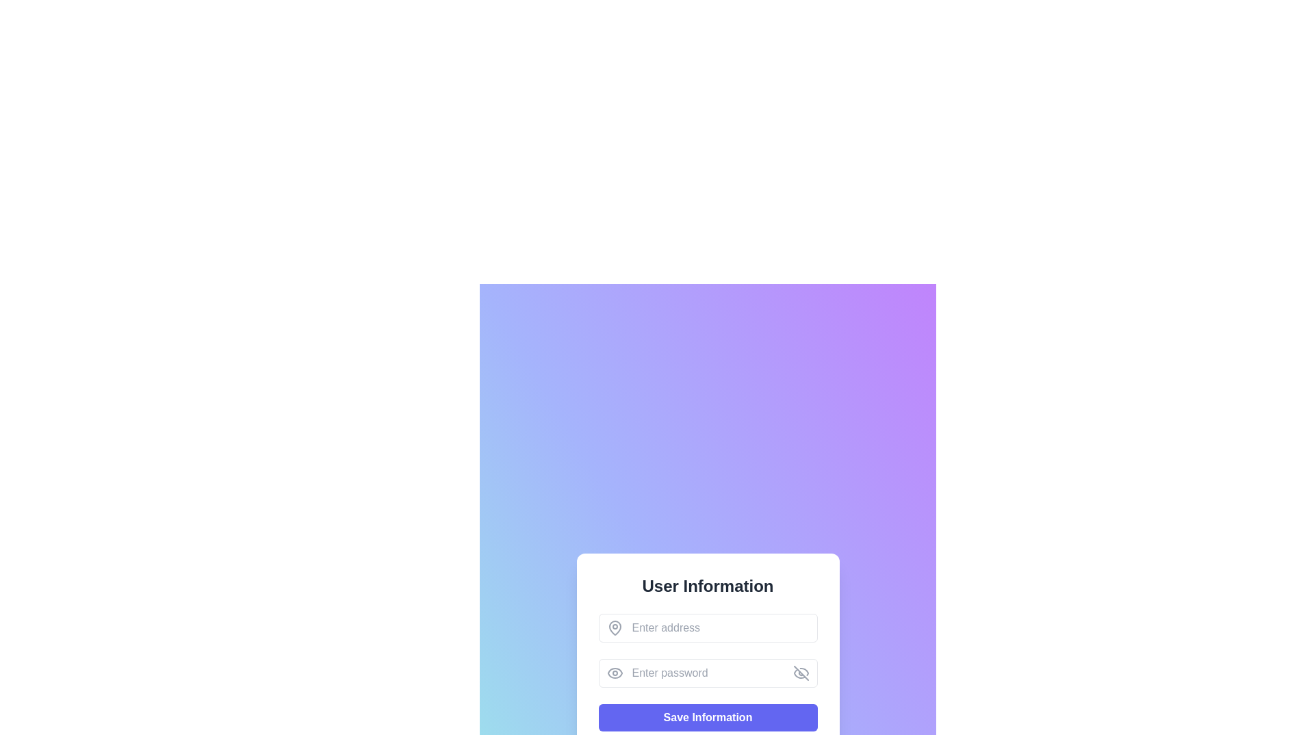 This screenshot has height=739, width=1314. Describe the element at coordinates (708, 717) in the screenshot. I see `the 'Save Information' button, which is a rectangular button with a purple background and white bold text, located centrally at the bottom of the 'User Information' section` at that location.